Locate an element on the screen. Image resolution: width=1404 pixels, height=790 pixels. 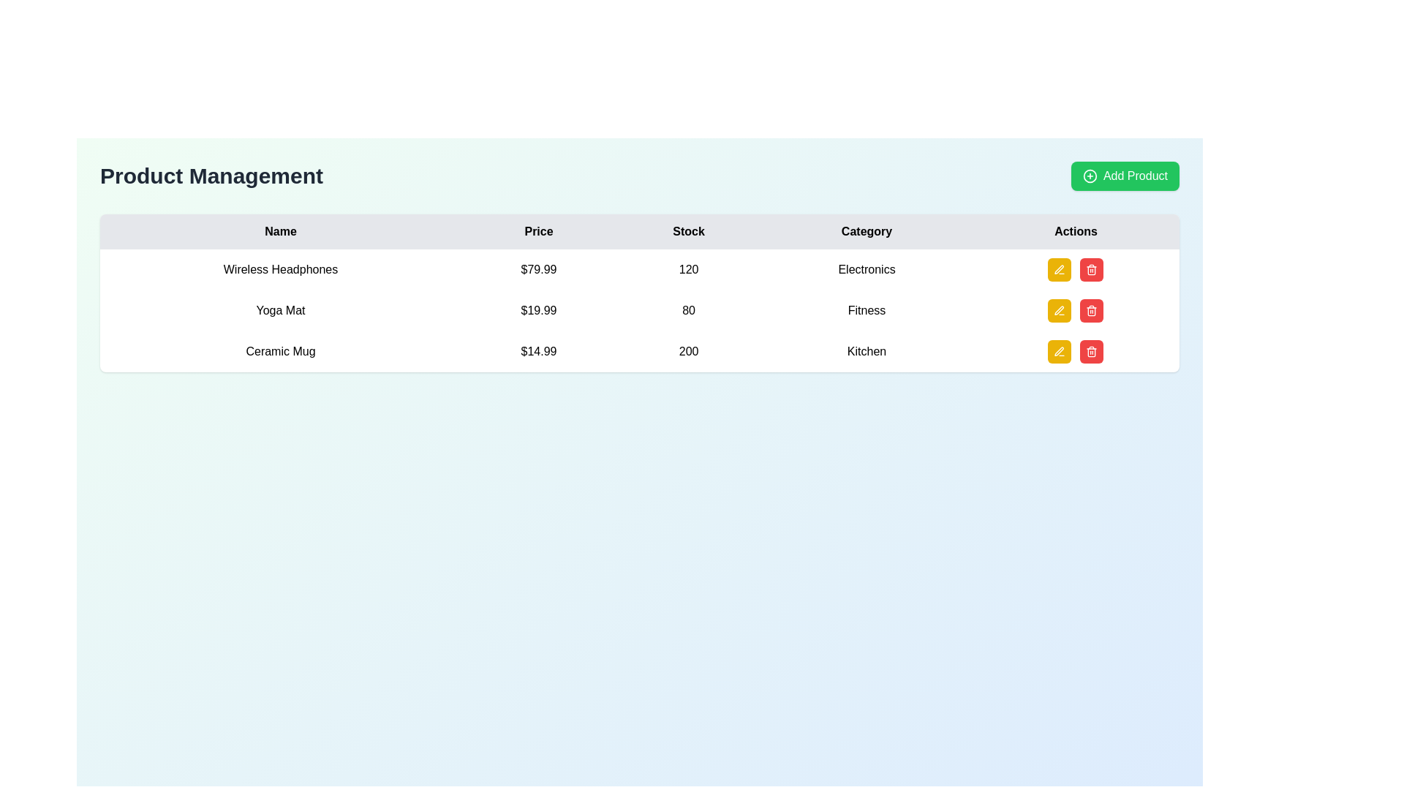
the red delete button with a white trash can icon located in the 'Actions' column of the last row corresponding to the 'Ceramic Mug' entry is located at coordinates (1092, 352).